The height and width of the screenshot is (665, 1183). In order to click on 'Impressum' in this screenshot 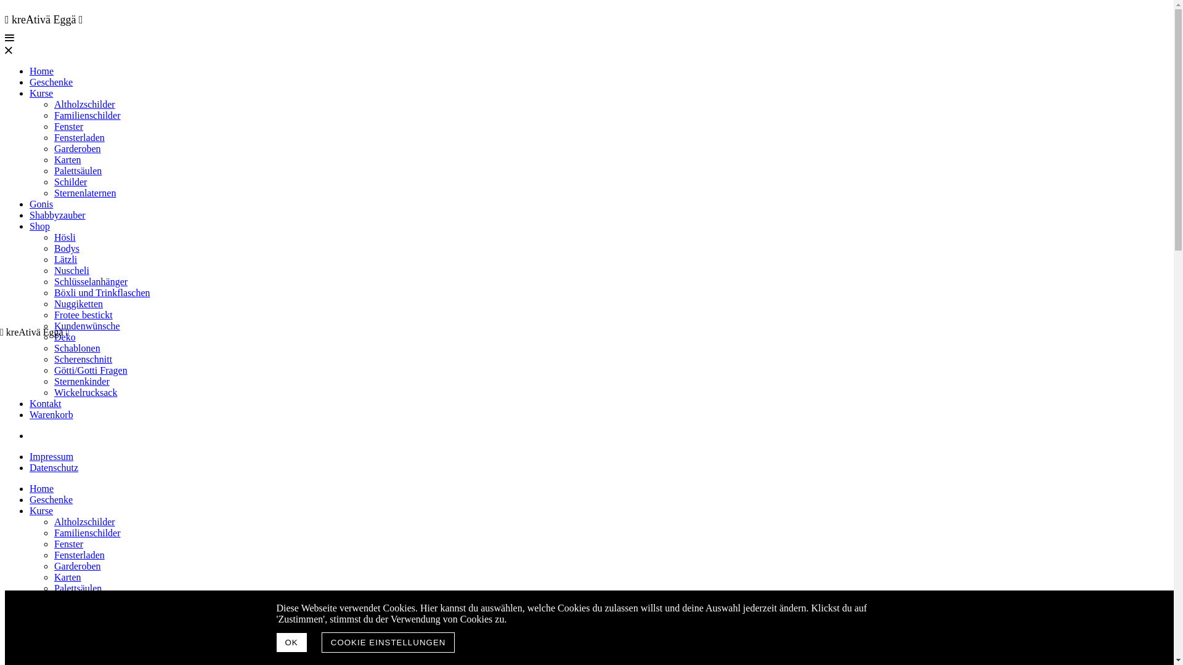, I will do `click(51, 456)`.